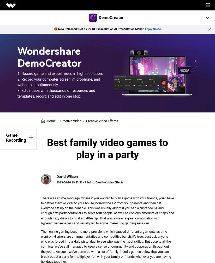  I want to click on '1. Record game and export video in high resolution.', so click(60, 74).